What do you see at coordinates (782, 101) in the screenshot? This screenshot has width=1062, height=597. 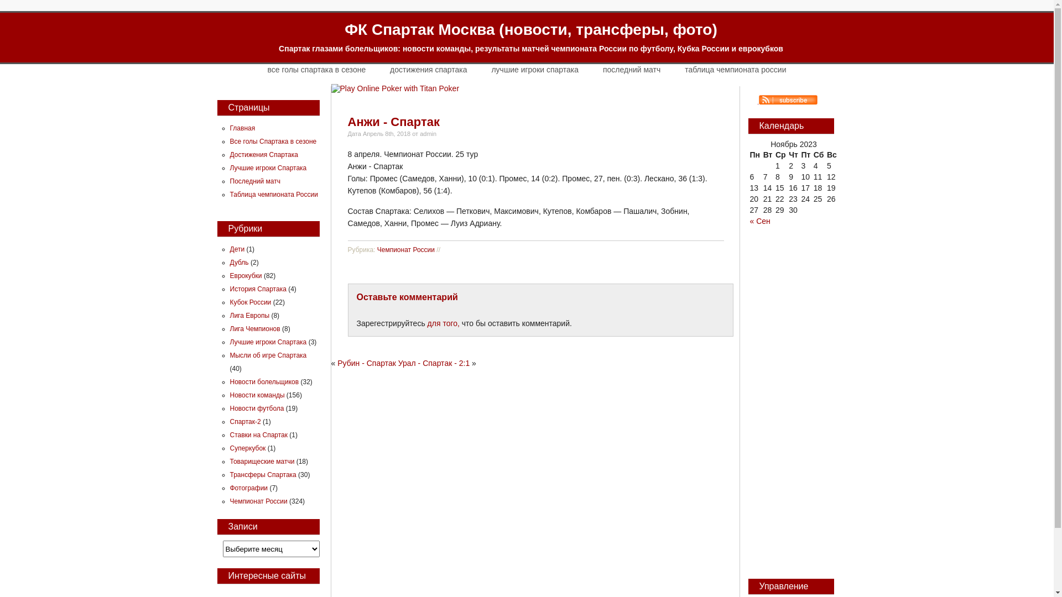 I see `'RSS Syndication'` at bounding box center [782, 101].